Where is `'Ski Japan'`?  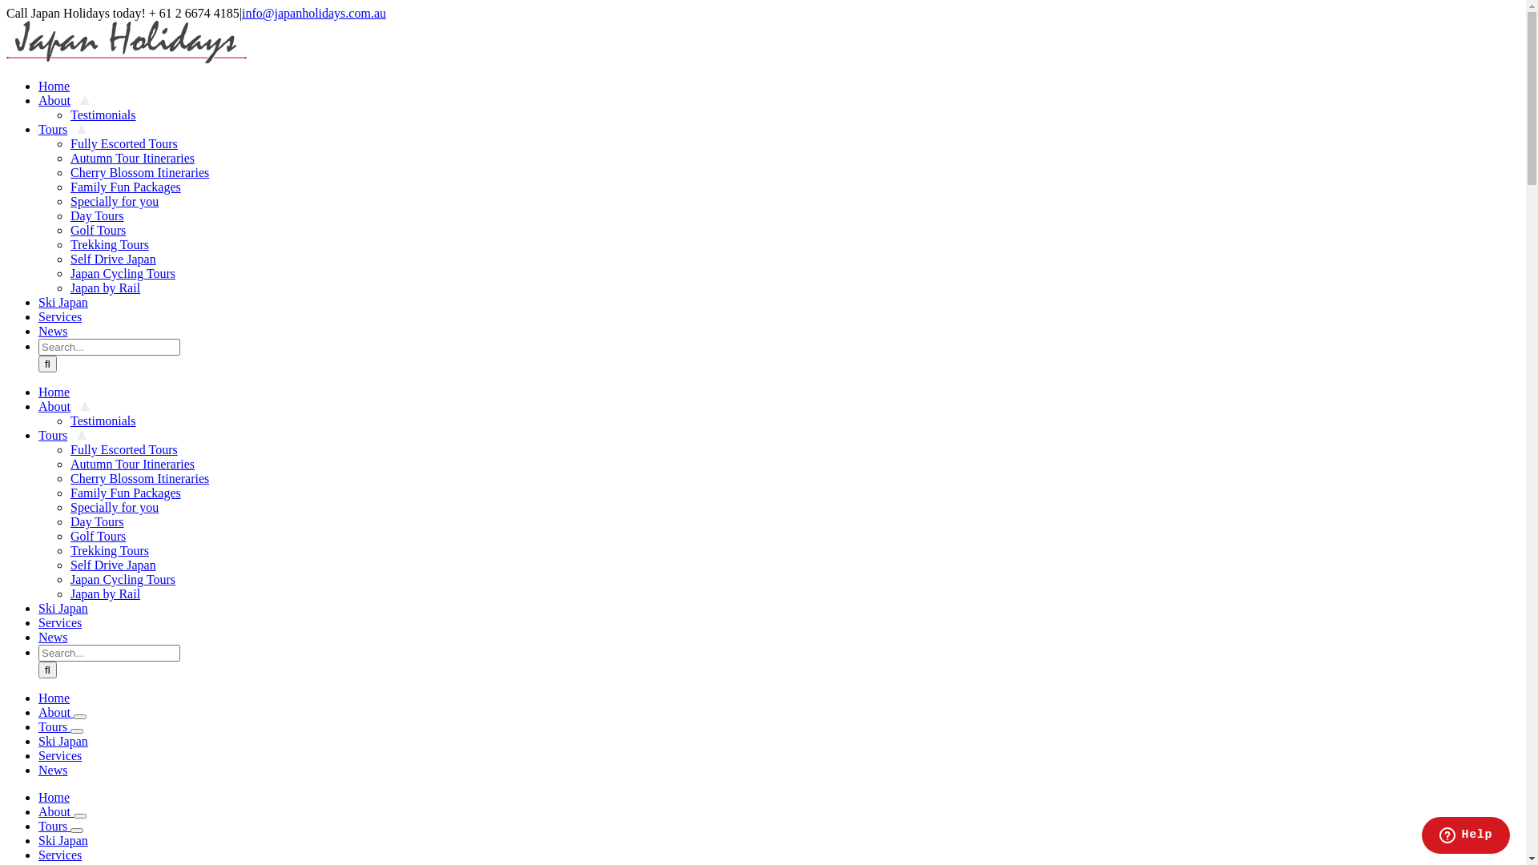
'Ski Japan' is located at coordinates (67, 608).